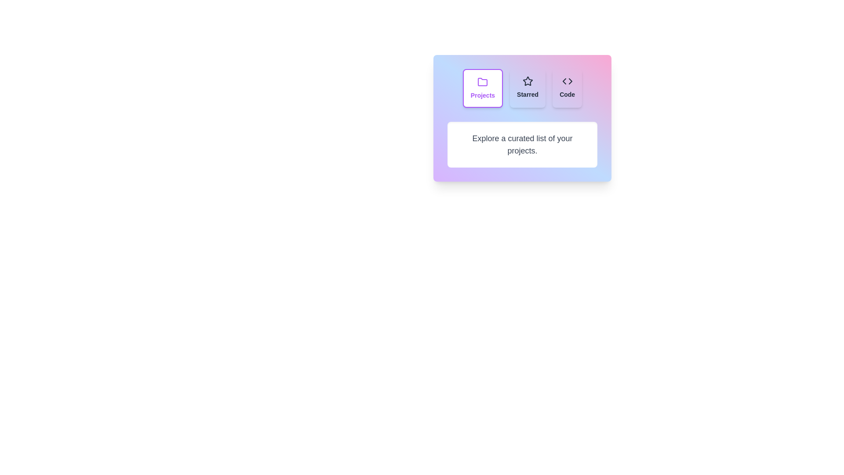  What do you see at coordinates (527, 88) in the screenshot?
I see `the Starred tab to observe its hover effect` at bounding box center [527, 88].